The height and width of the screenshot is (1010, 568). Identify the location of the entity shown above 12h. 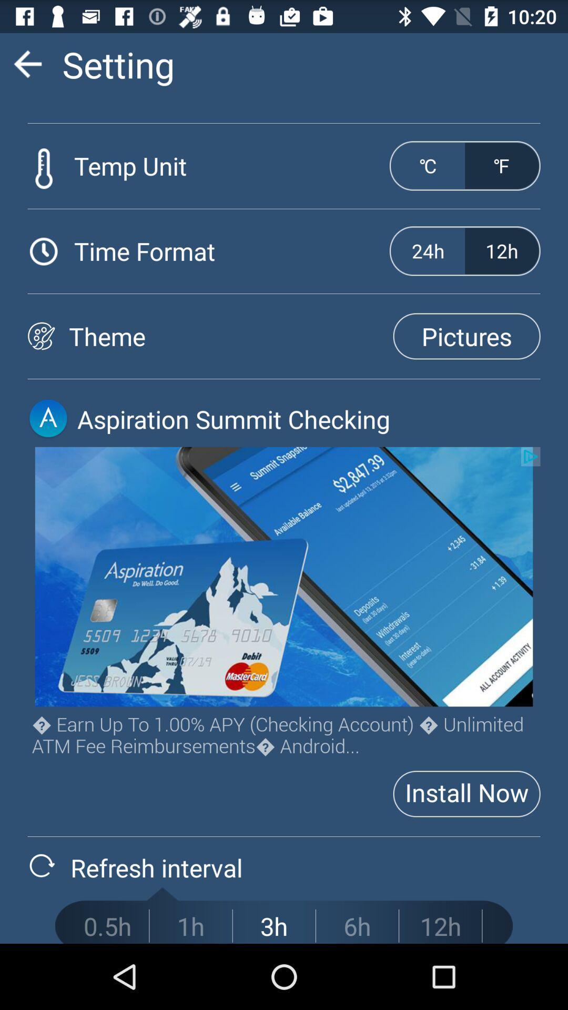
(501, 165).